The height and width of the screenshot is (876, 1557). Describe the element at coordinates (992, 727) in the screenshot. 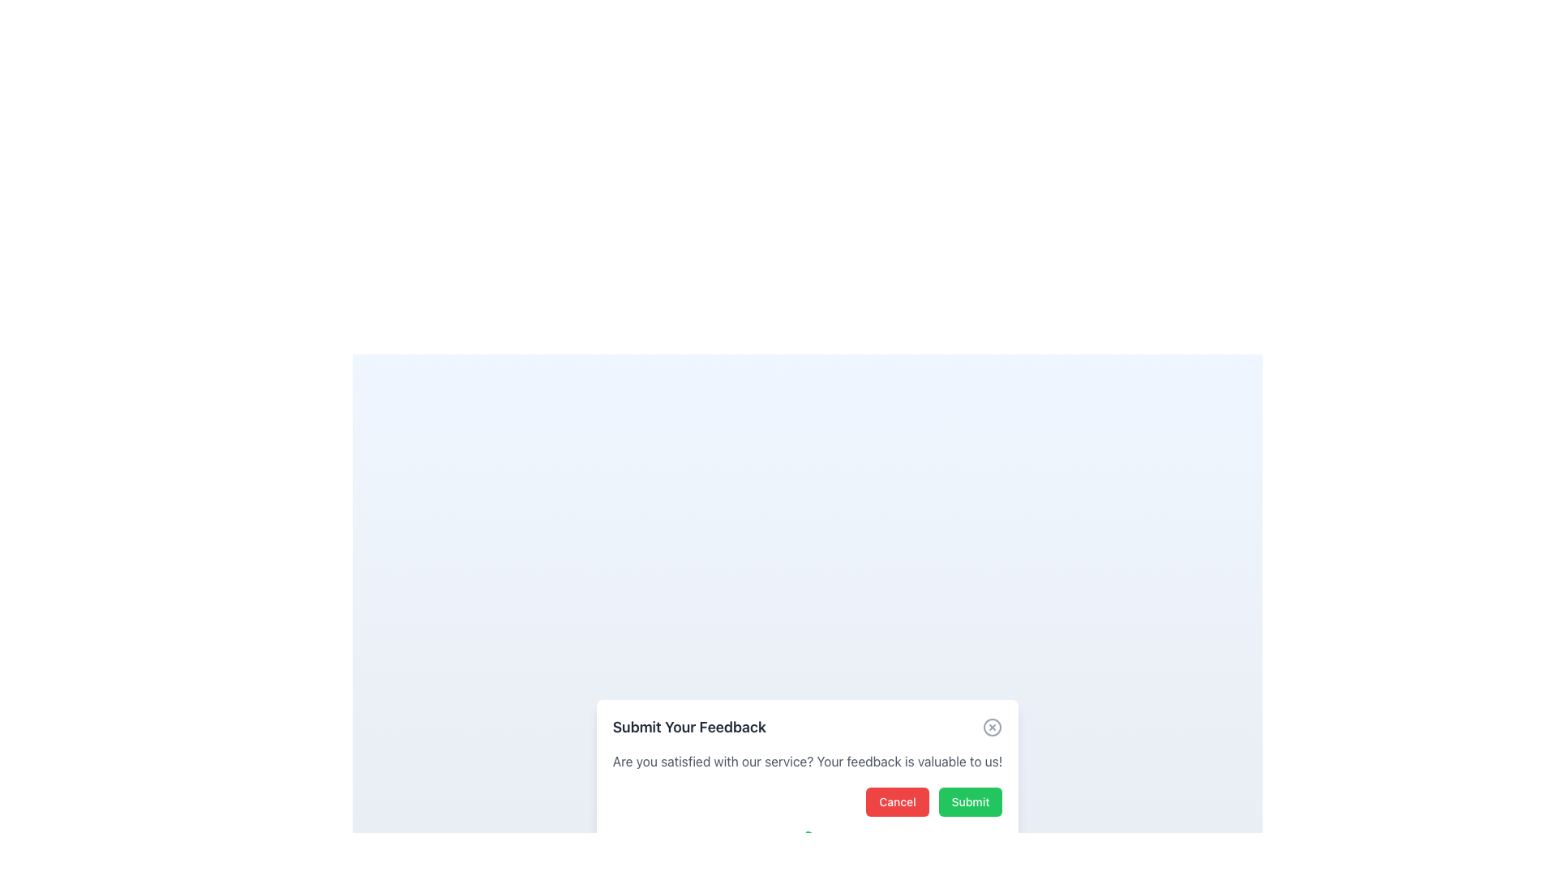

I see `the gray circular outline button with an 'X' symbol inside, located in the top-right corner of the 'Submit Your Feedback' modal` at that location.